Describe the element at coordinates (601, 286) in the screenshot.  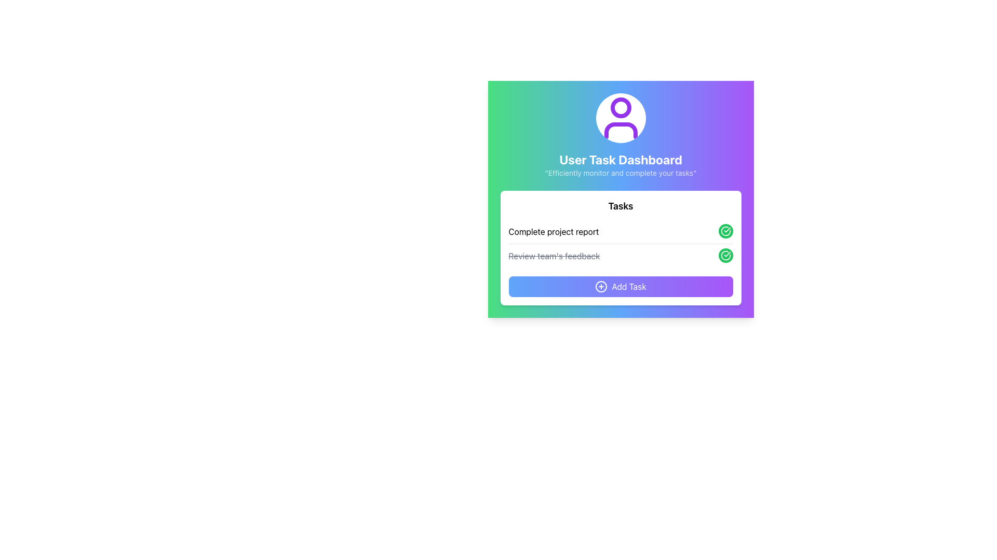
I see `the 'Add Task' icon located to the left of the 'Add Task' text in the button at the bottom of the dashboard` at that location.